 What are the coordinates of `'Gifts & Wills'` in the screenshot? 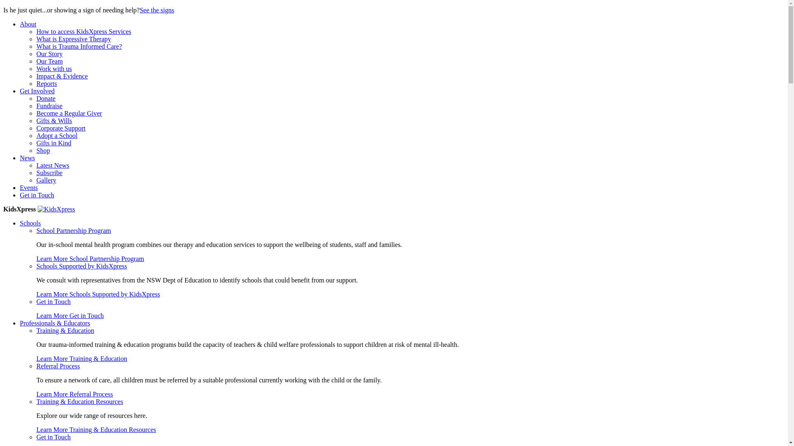 It's located at (53, 121).